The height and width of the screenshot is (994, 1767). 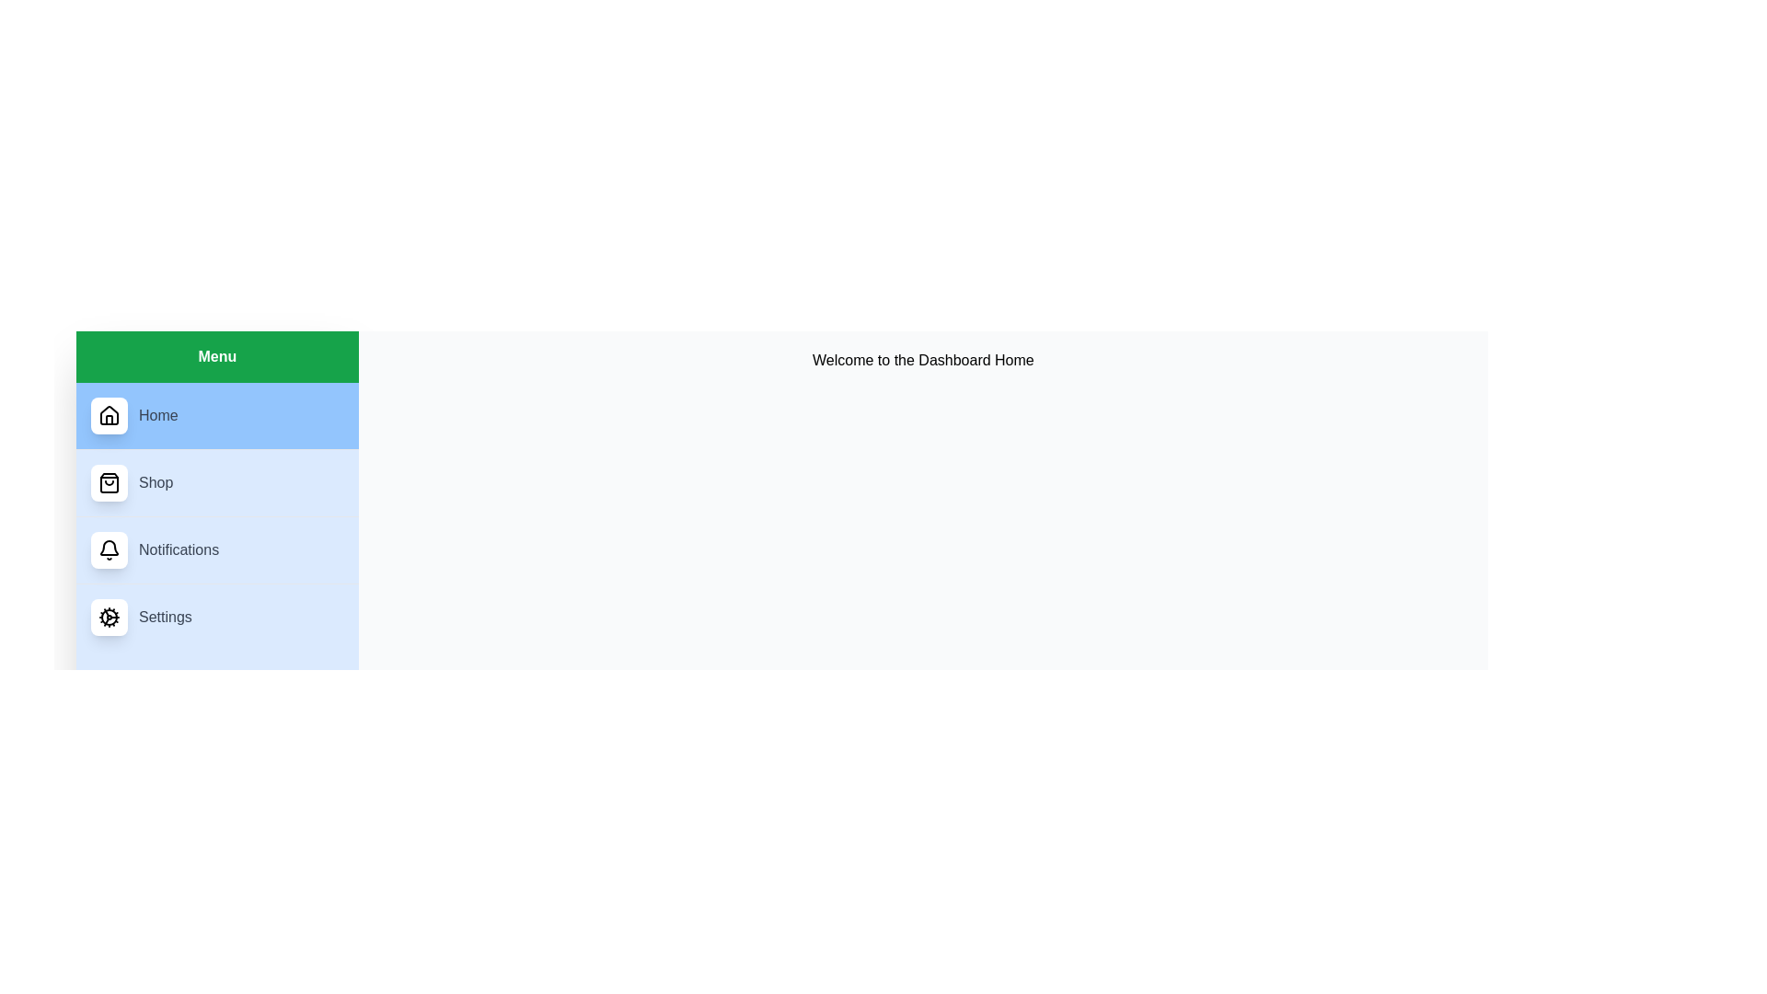 I want to click on the menu item Notifications to observe its hover effect, so click(x=216, y=549).